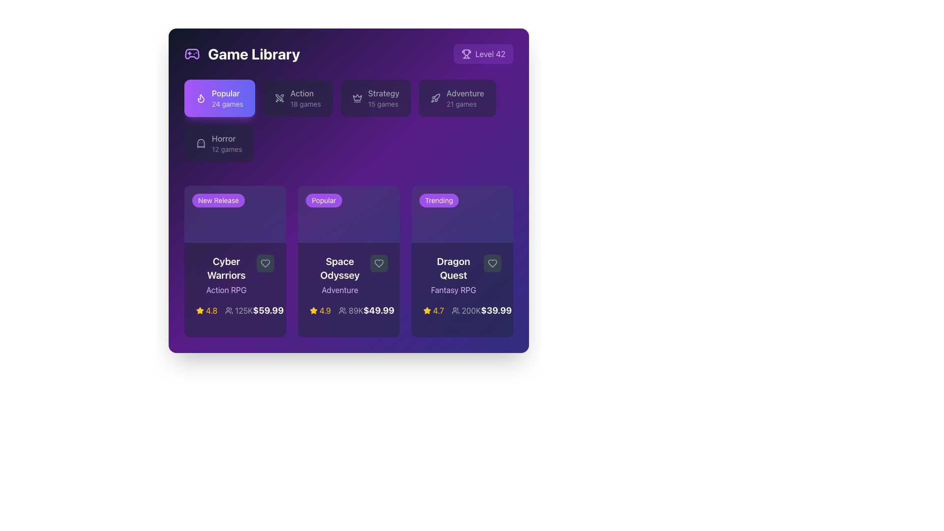  I want to click on the Text Label that categorizes or highlights the genre of the game 'Dragon Quest', which is located at the bottom of the game card, so click(453, 290).